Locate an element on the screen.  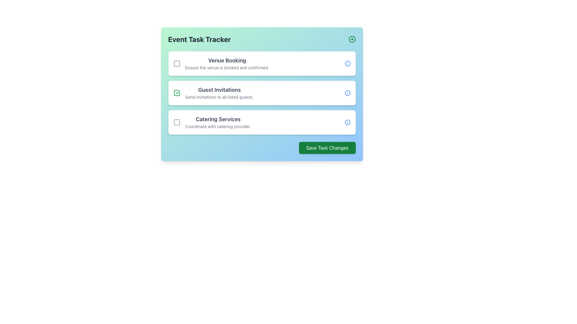
the green checkmark icon of the Checkbox located to the left of the 'Guest Invitations' label is located at coordinates (176, 93).